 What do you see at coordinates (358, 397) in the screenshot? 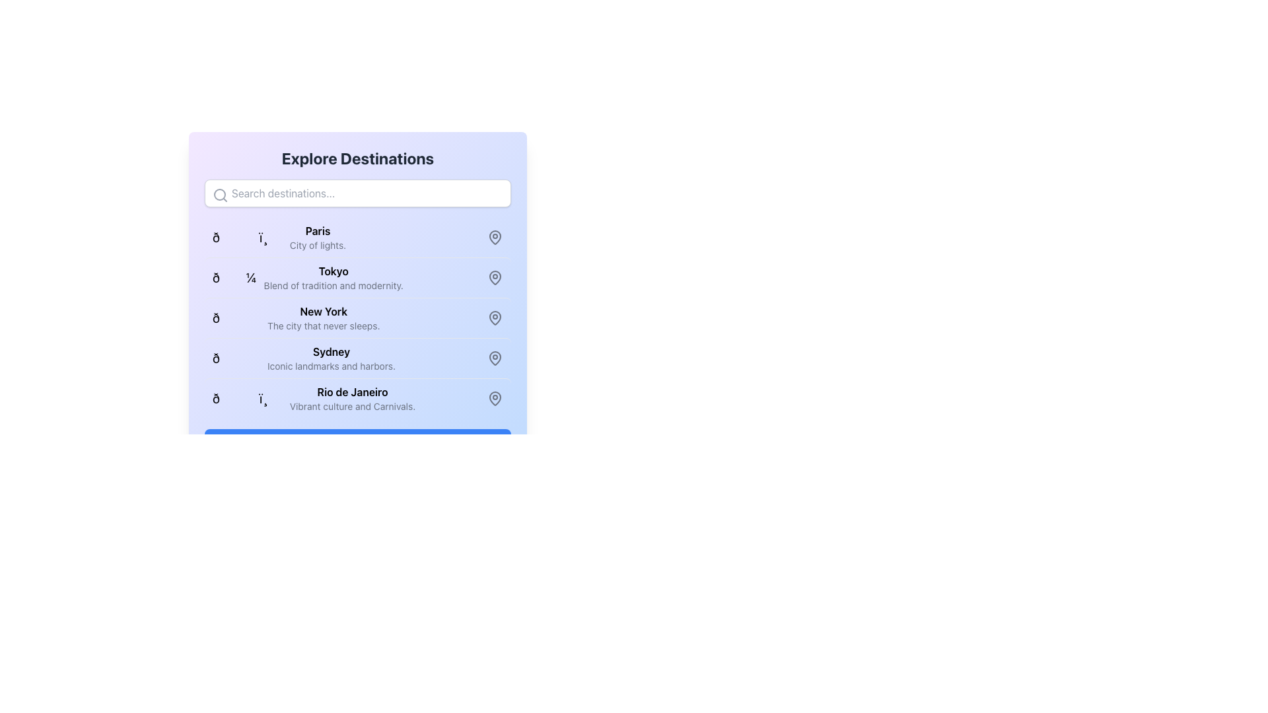
I see `the fifth list item displaying 'Rio de Janeiro' to trigger the visual highlight effect` at bounding box center [358, 397].